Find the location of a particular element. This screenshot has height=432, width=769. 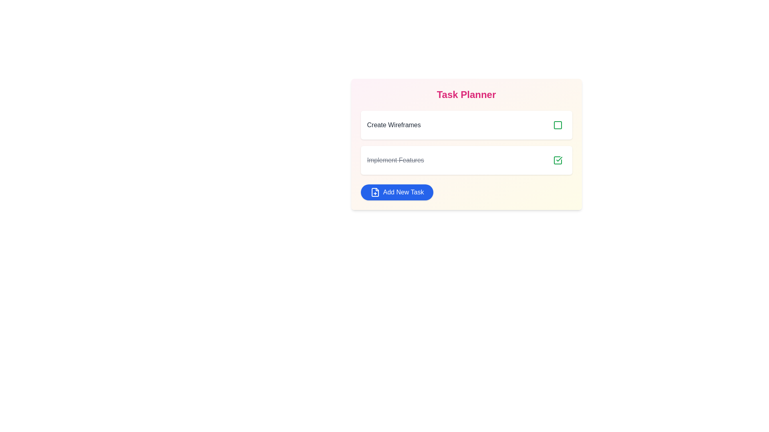

the interactive icon/button located on the upper right side of the 'Create Wireframes' text field in the 'Task Planner' section is located at coordinates (557, 125).